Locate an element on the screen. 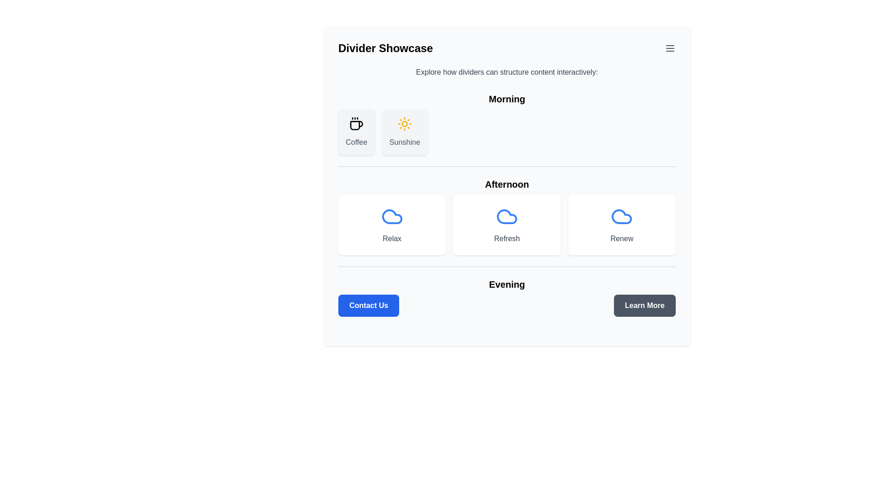 The height and width of the screenshot is (498, 885). the cloud-shaped icon with a blue outline, part of the 'Relax' option in the 'Afternoon' section, located centrally among three icons is located at coordinates (392, 217).